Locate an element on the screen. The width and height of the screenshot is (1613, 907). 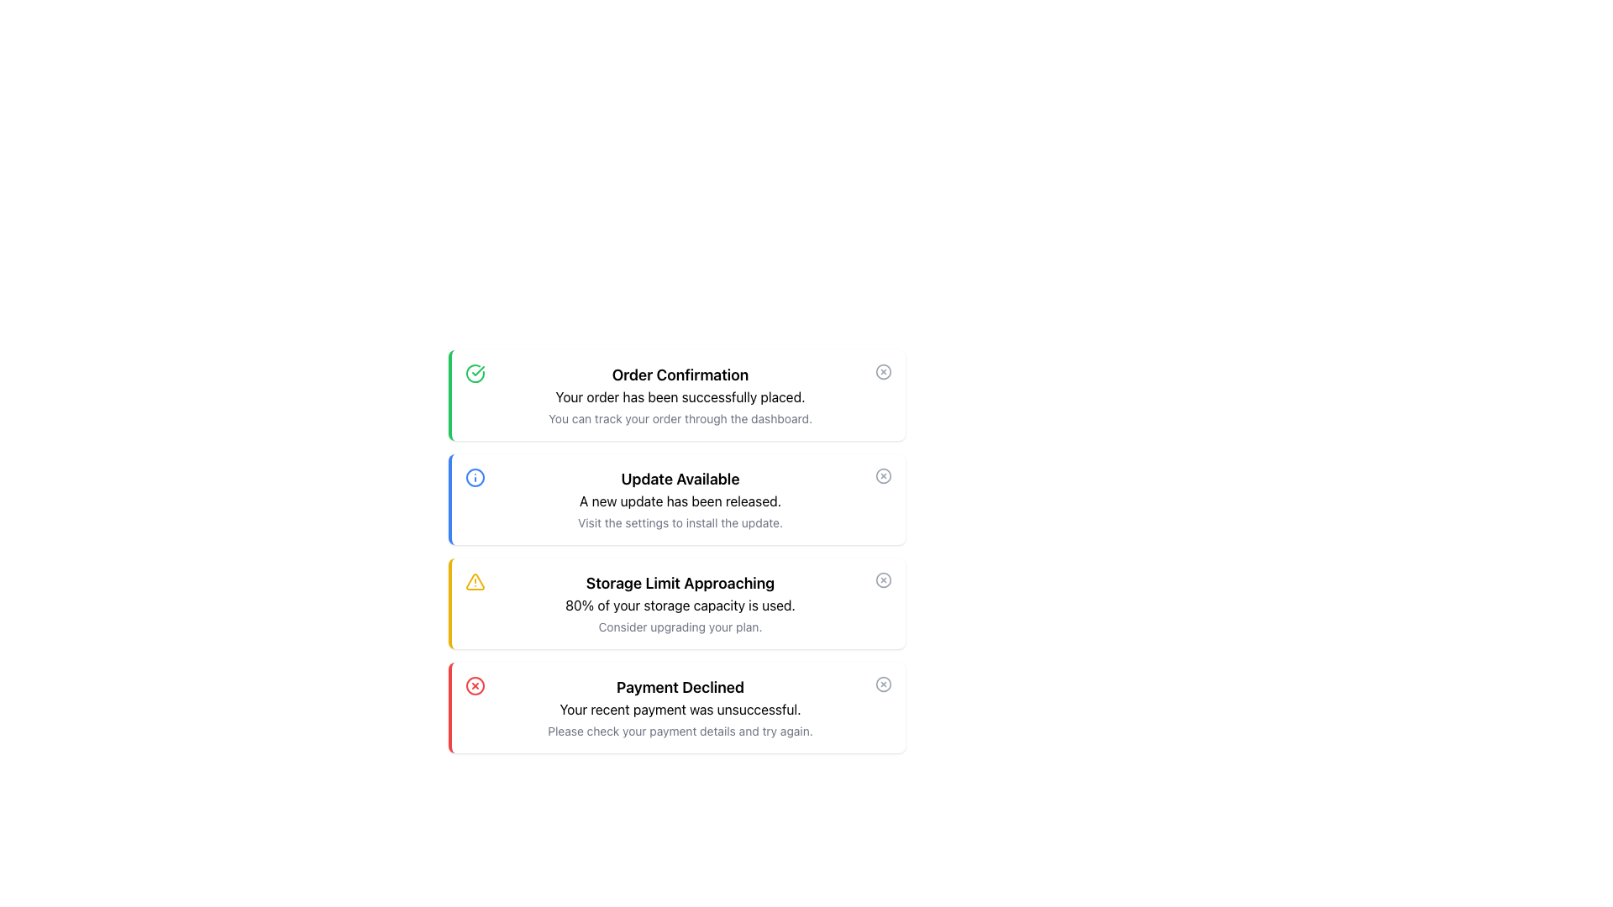
the information displayed in the green-accented Notification Card at the top of the notification panel by clicking on it is located at coordinates (680, 395).